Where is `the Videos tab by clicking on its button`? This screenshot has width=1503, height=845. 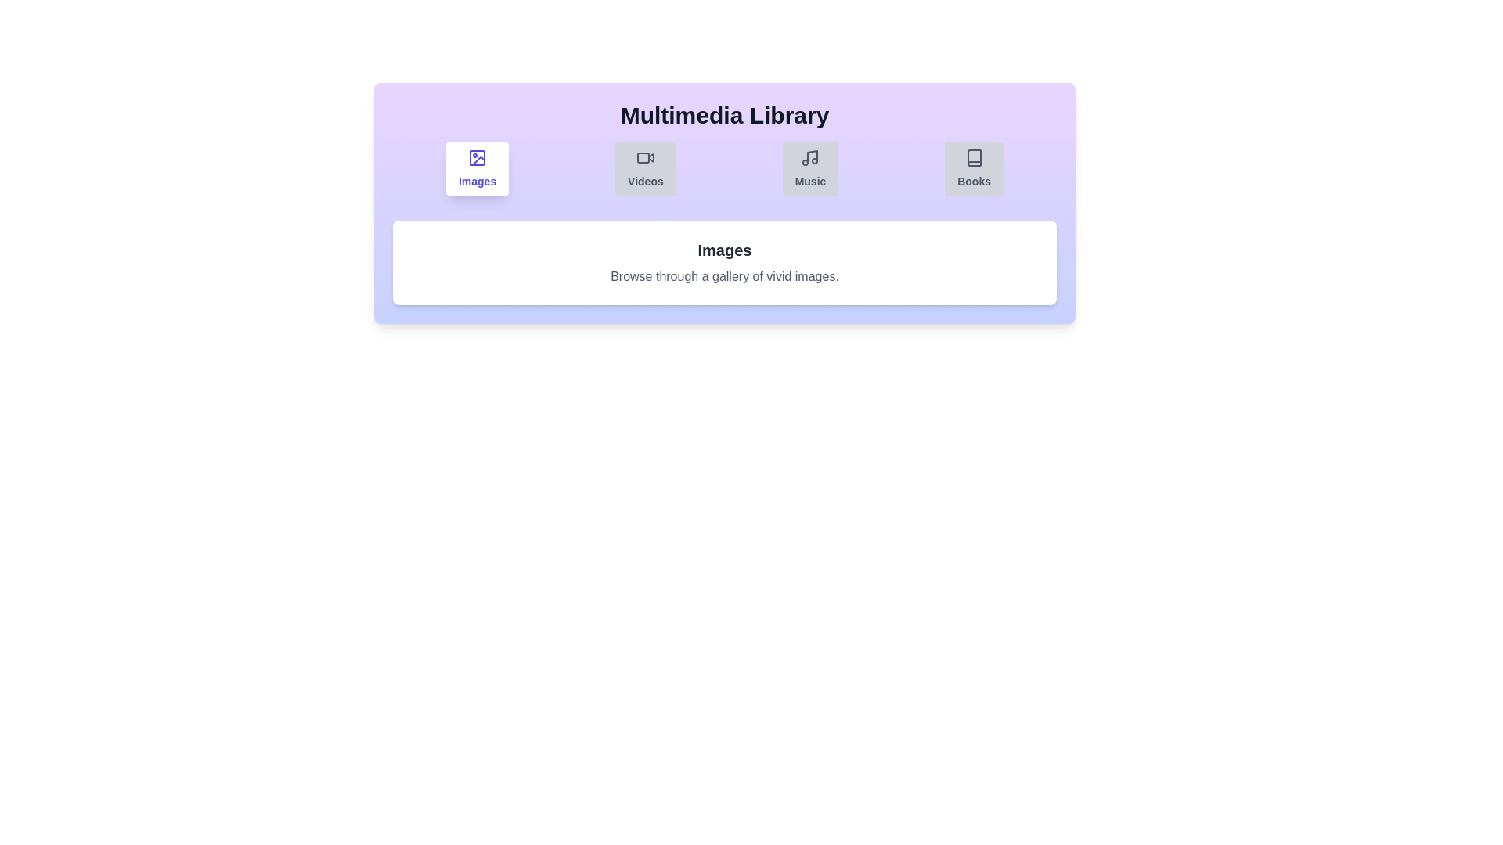 the Videos tab by clicking on its button is located at coordinates (645, 169).